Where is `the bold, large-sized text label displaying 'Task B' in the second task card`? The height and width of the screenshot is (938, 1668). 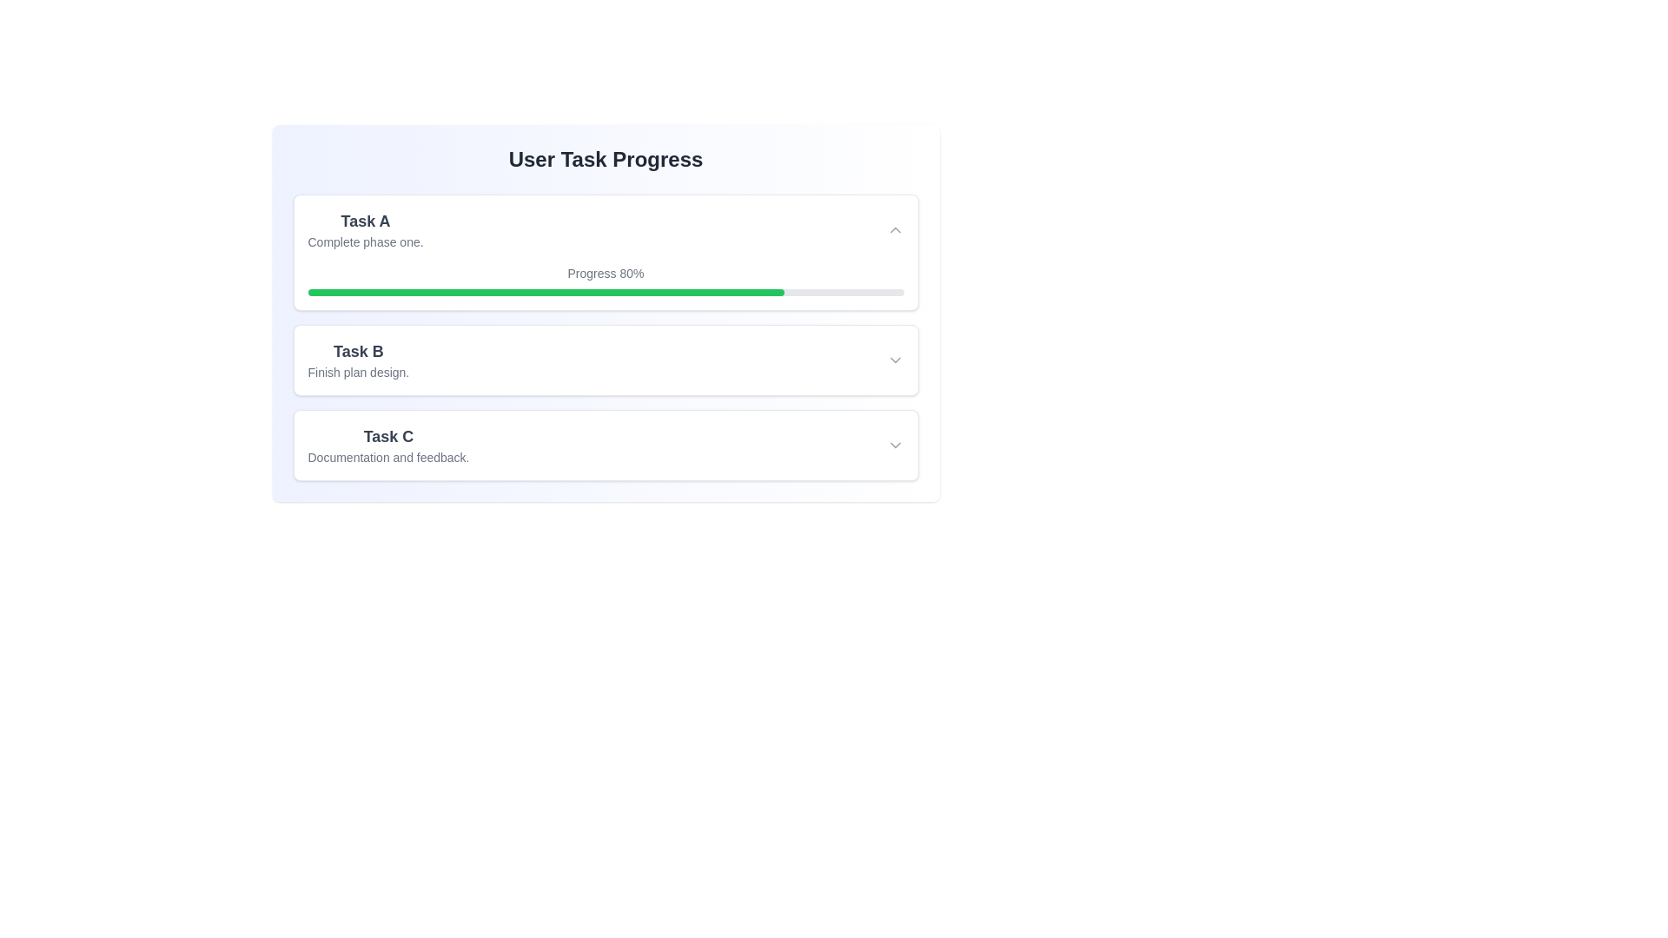 the bold, large-sized text label displaying 'Task B' in the second task card is located at coordinates (357, 352).